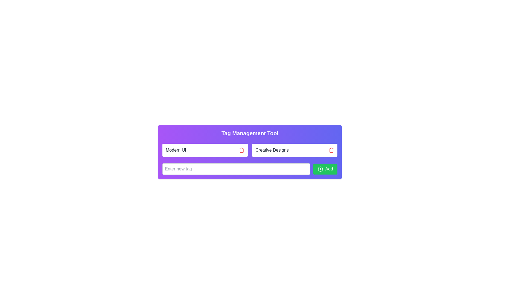 Image resolution: width=525 pixels, height=295 pixels. I want to click on the delete button located on the right side of the 'Creative Designs' label, so click(331, 150).